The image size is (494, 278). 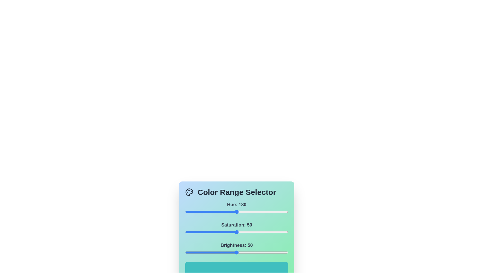 What do you see at coordinates (228, 232) in the screenshot?
I see `the 1 slider to 42` at bounding box center [228, 232].